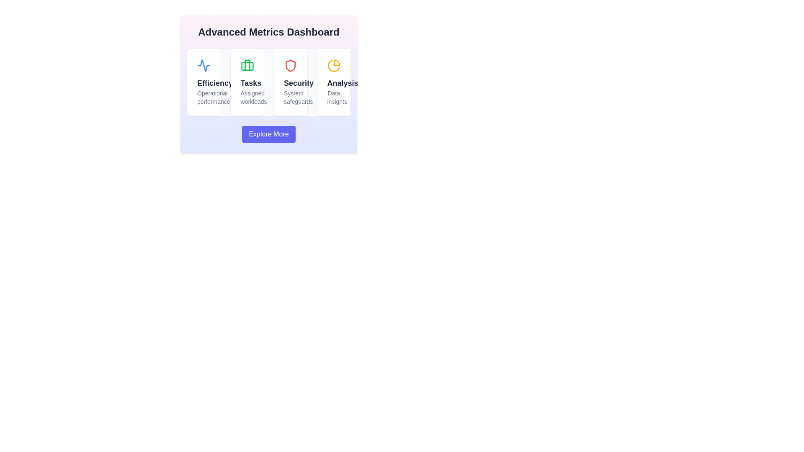 This screenshot has height=452, width=804. I want to click on the text label displaying 'System safeguards', which is styled in smaller, light gray font and is located beneath the 'Security' text label, so click(290, 97).